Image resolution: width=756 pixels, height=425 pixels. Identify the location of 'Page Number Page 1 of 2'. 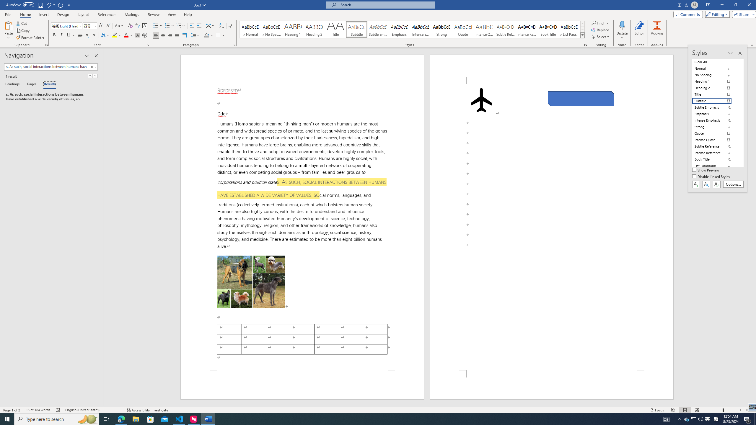
(12, 410).